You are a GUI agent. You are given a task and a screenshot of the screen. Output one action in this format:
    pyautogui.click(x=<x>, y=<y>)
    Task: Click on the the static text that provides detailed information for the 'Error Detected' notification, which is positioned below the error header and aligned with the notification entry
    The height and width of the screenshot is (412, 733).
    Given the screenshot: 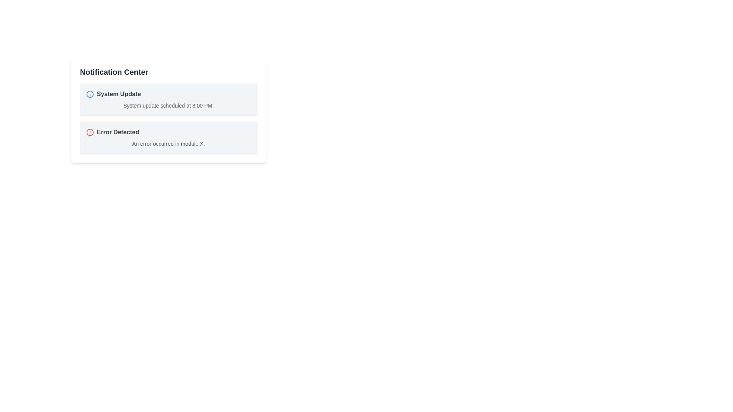 What is the action you would take?
    pyautogui.click(x=168, y=144)
    